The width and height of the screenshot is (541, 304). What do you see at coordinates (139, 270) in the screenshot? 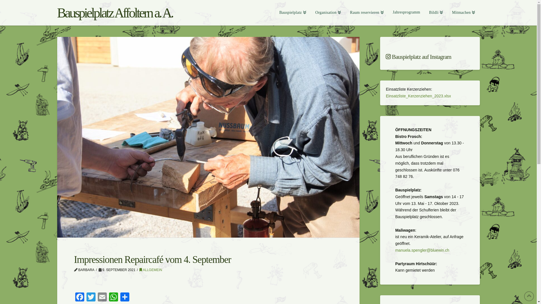
I see `'ALLGEMEIN'` at bounding box center [139, 270].